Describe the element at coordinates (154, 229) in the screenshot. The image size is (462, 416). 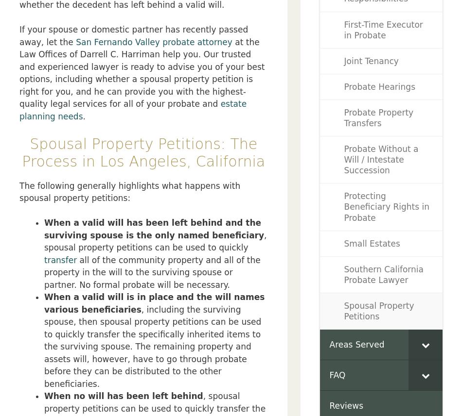
I see `'When a valid will has been left behind and the surviving spouse is the only named beneficiary'` at that location.